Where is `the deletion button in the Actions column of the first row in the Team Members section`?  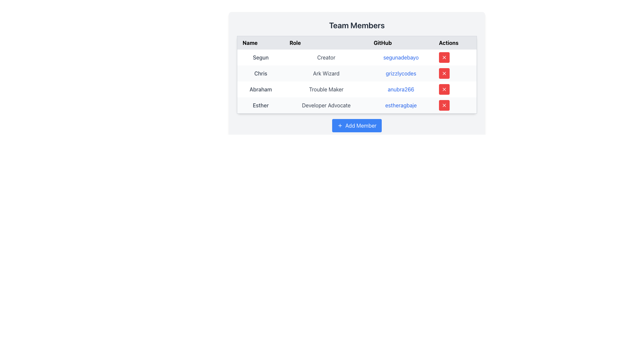 the deletion button in the Actions column of the first row in the Team Members section is located at coordinates (444, 57).